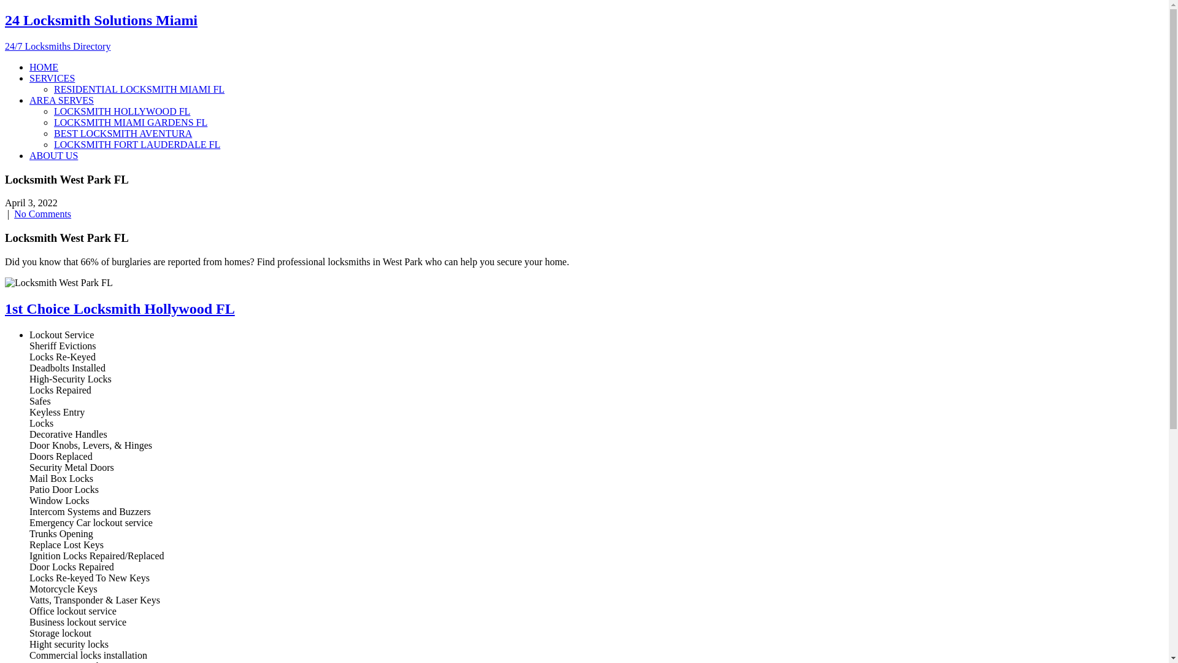  Describe the element at coordinates (61, 99) in the screenshot. I see `'AREA SERVES'` at that location.